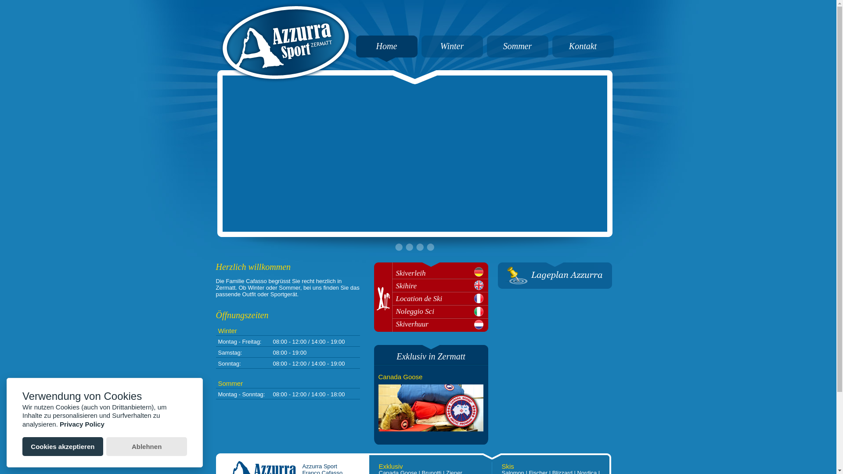 This screenshot has width=843, height=474. Describe the element at coordinates (396, 298) in the screenshot. I see `'Location de Ski'` at that location.